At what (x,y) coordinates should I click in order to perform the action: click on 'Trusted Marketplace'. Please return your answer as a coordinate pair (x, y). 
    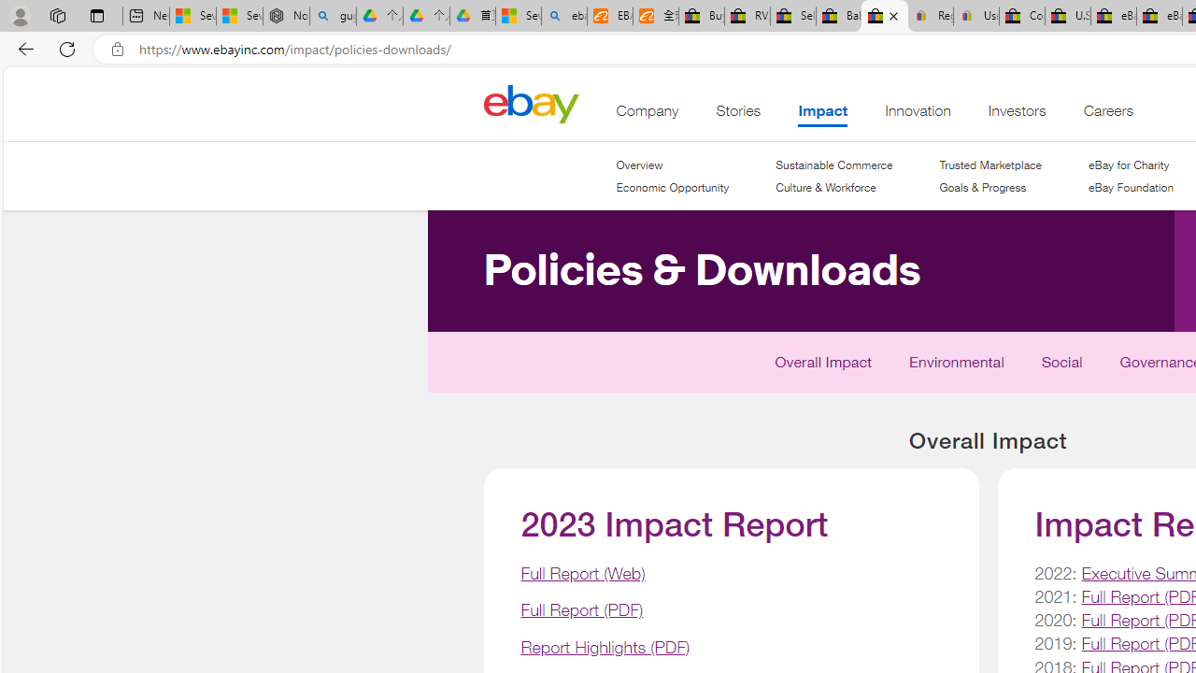
    Looking at the image, I should click on (989, 164).